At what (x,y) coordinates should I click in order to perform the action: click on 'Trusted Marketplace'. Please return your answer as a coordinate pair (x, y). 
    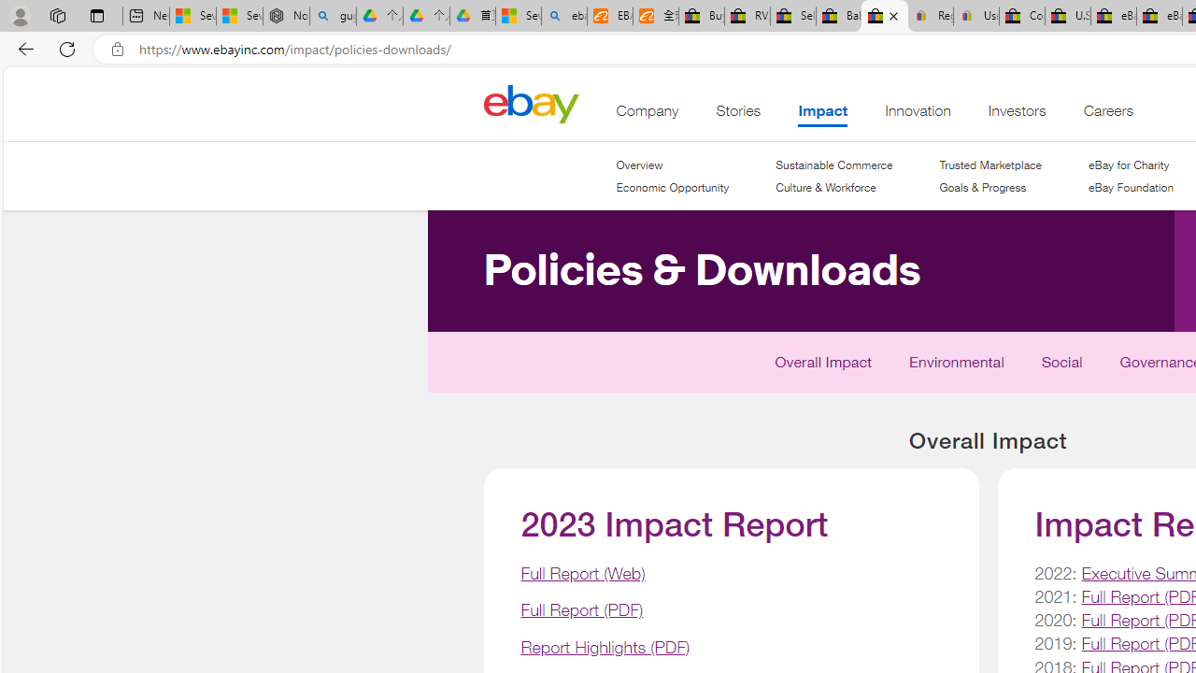
    Looking at the image, I should click on (989, 164).